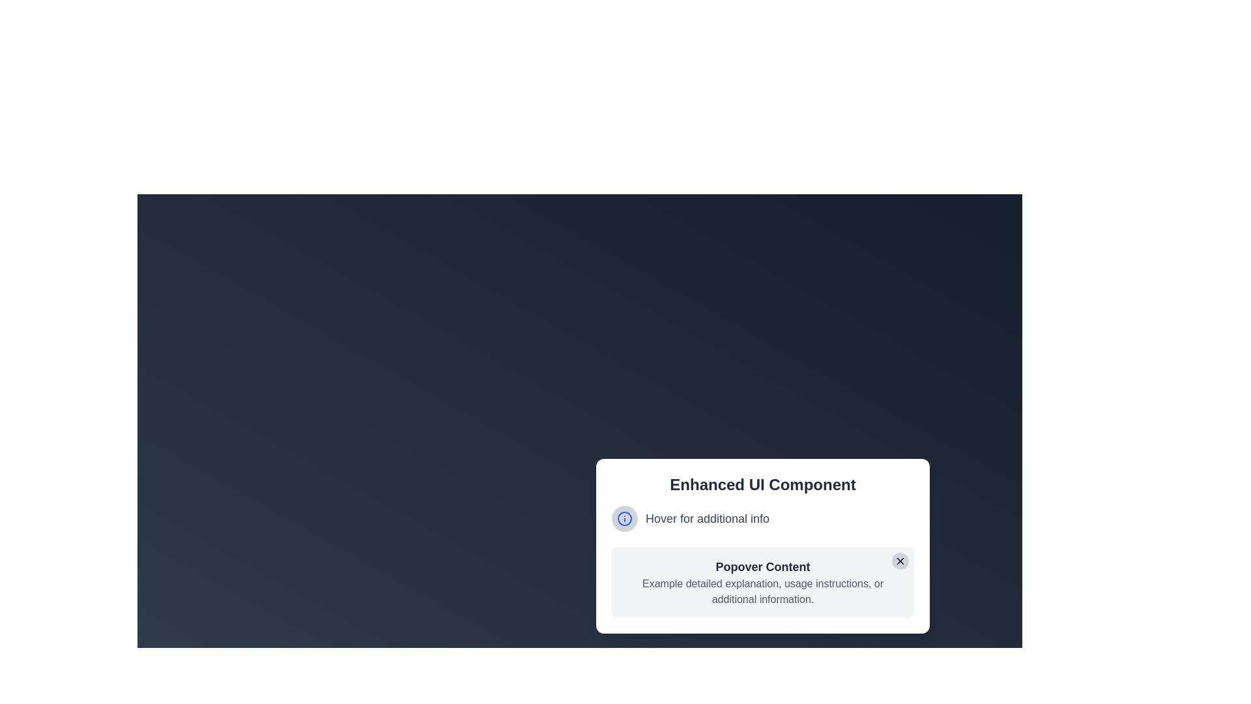 This screenshot has height=704, width=1251. What do you see at coordinates (900, 560) in the screenshot?
I see `the 'X' icon in the top-right corner of the popover component` at bounding box center [900, 560].